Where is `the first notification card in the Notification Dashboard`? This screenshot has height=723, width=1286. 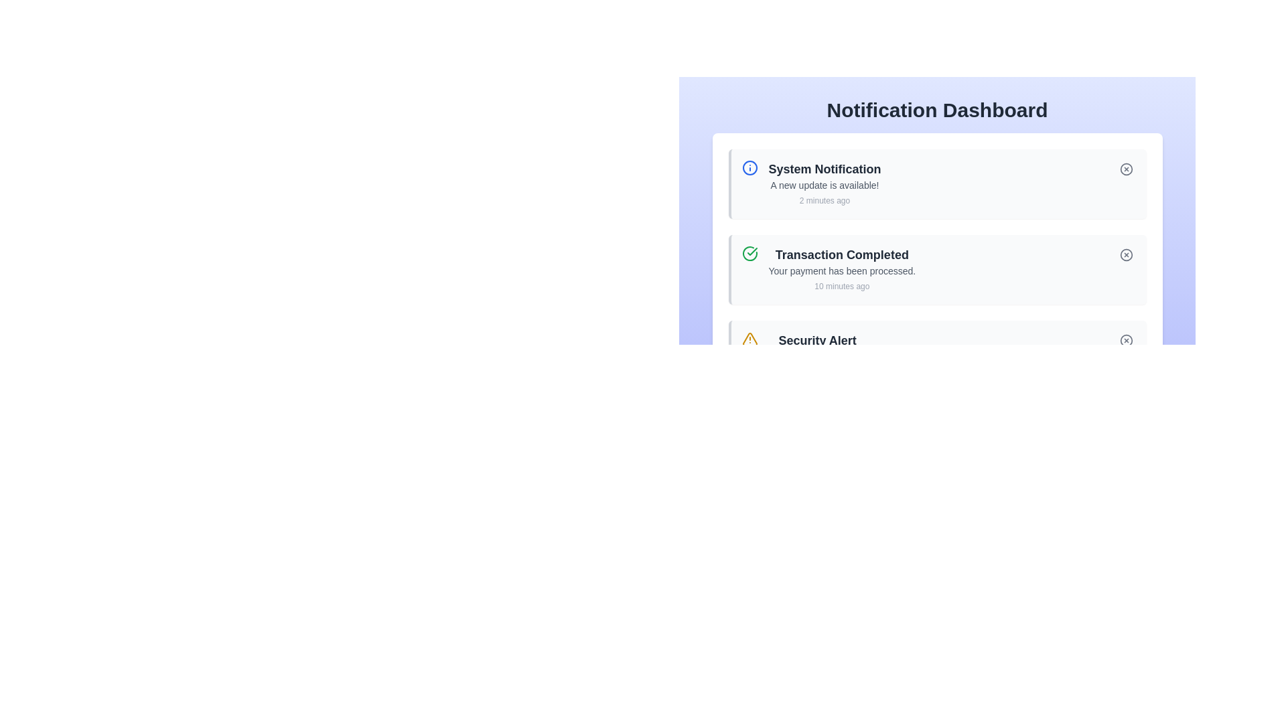
the first notification card in the Notification Dashboard is located at coordinates (936, 203).